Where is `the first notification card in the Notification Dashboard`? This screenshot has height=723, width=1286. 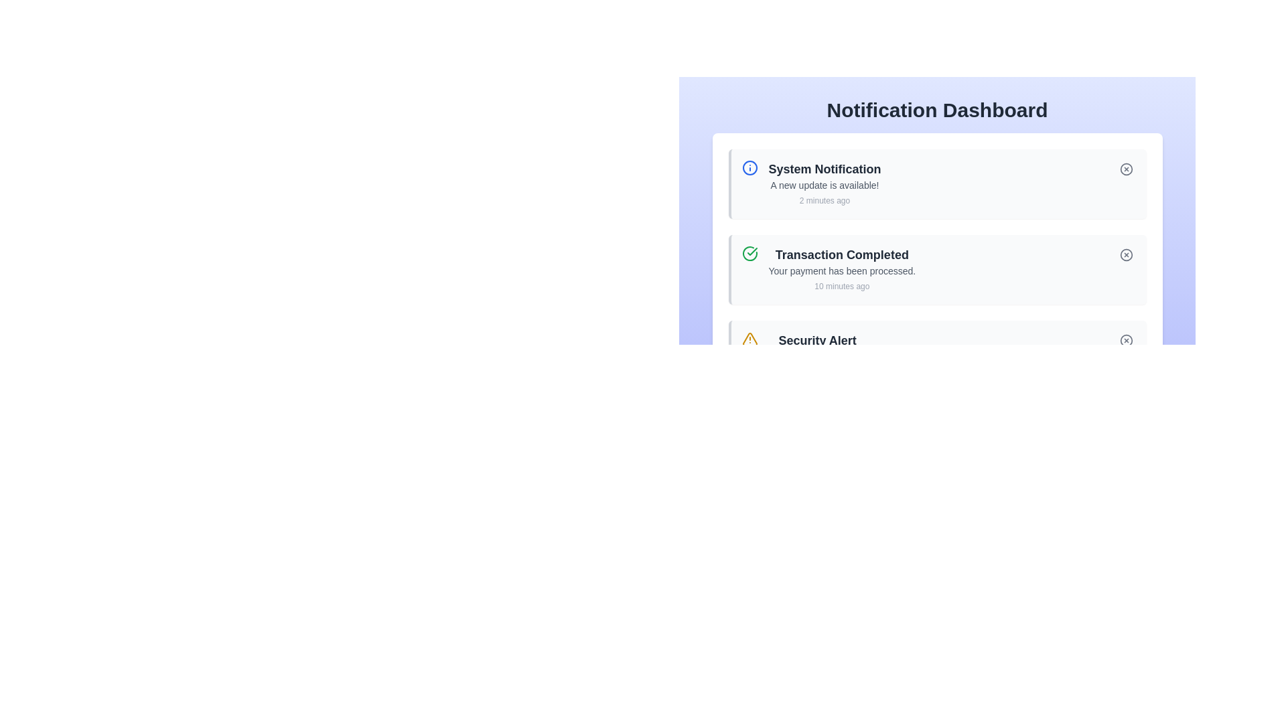
the first notification card in the Notification Dashboard is located at coordinates (936, 203).